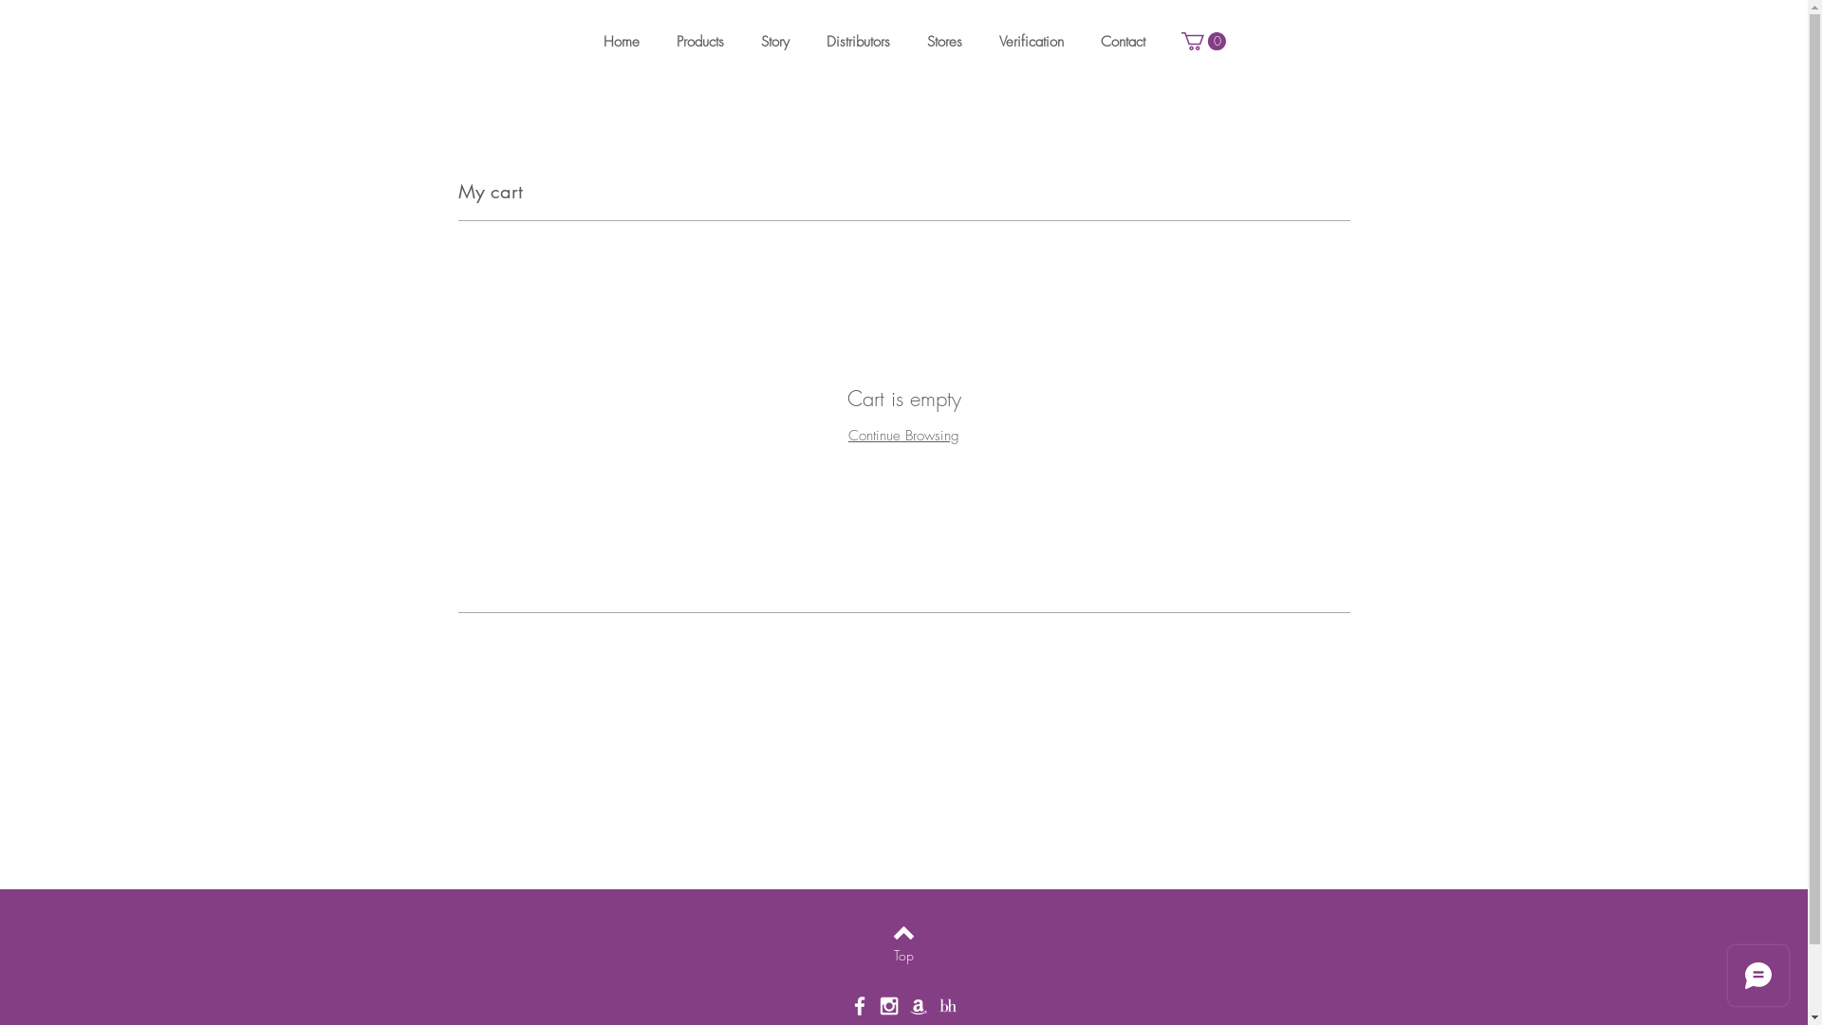 This screenshot has height=1025, width=1822. Describe the element at coordinates (1126, 42) in the screenshot. I see `'Contact'` at that location.